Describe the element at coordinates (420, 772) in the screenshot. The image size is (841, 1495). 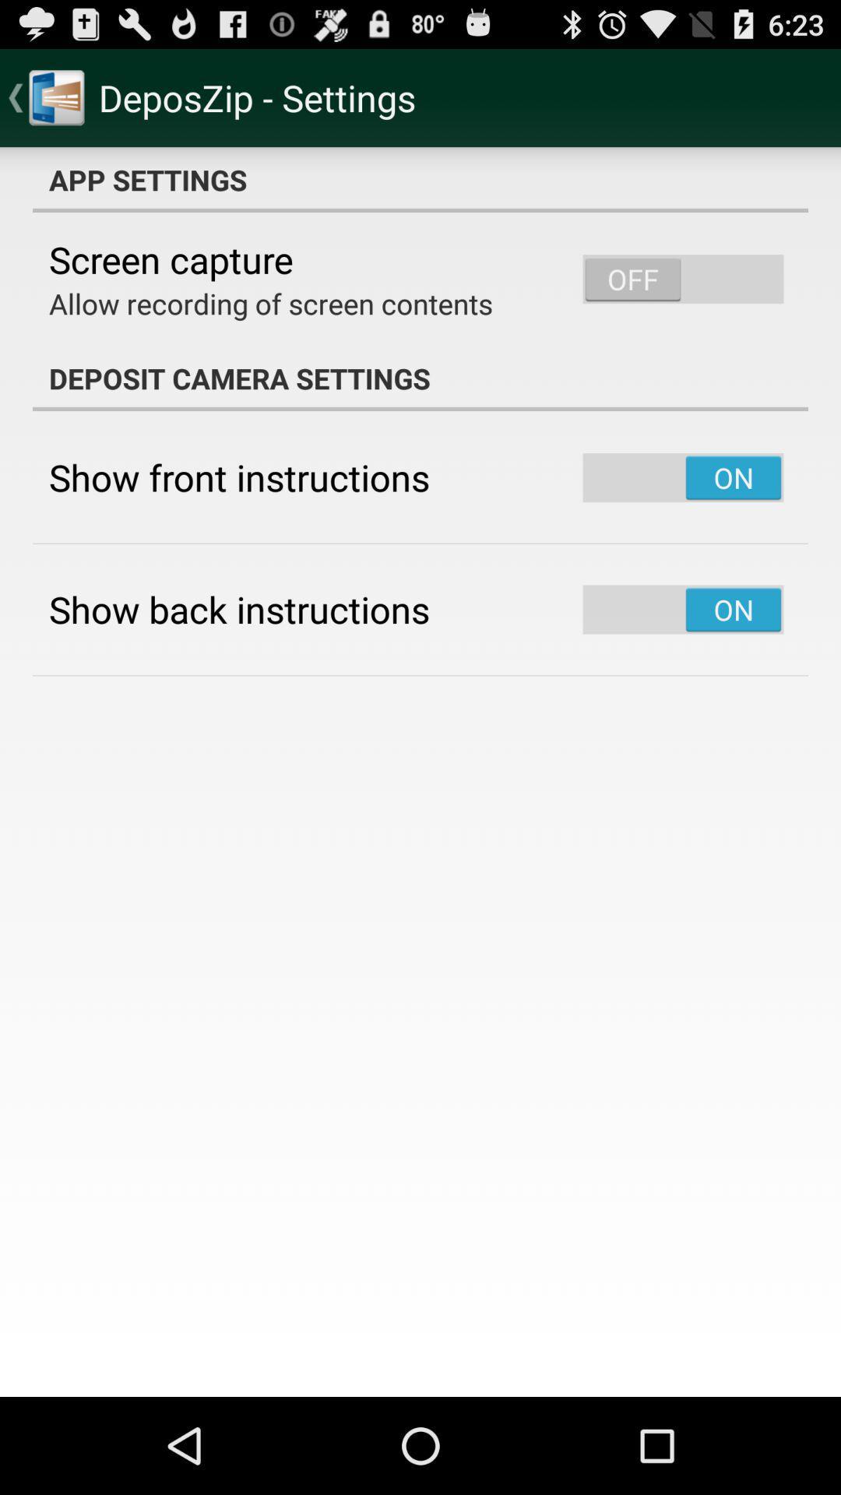
I see `the item at the center` at that location.